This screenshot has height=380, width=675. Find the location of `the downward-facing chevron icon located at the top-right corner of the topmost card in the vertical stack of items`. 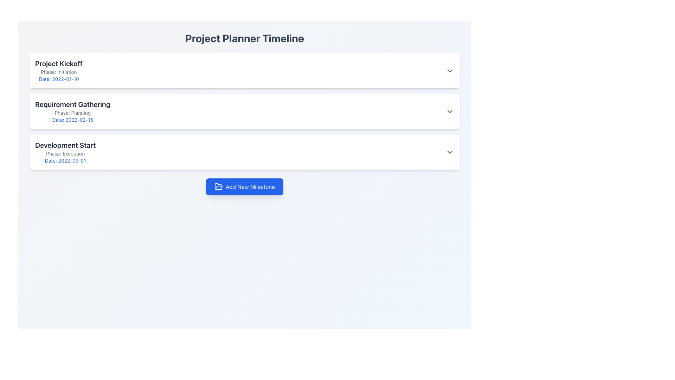

the downward-facing chevron icon located at the top-right corner of the topmost card in the vertical stack of items is located at coordinates (450, 70).